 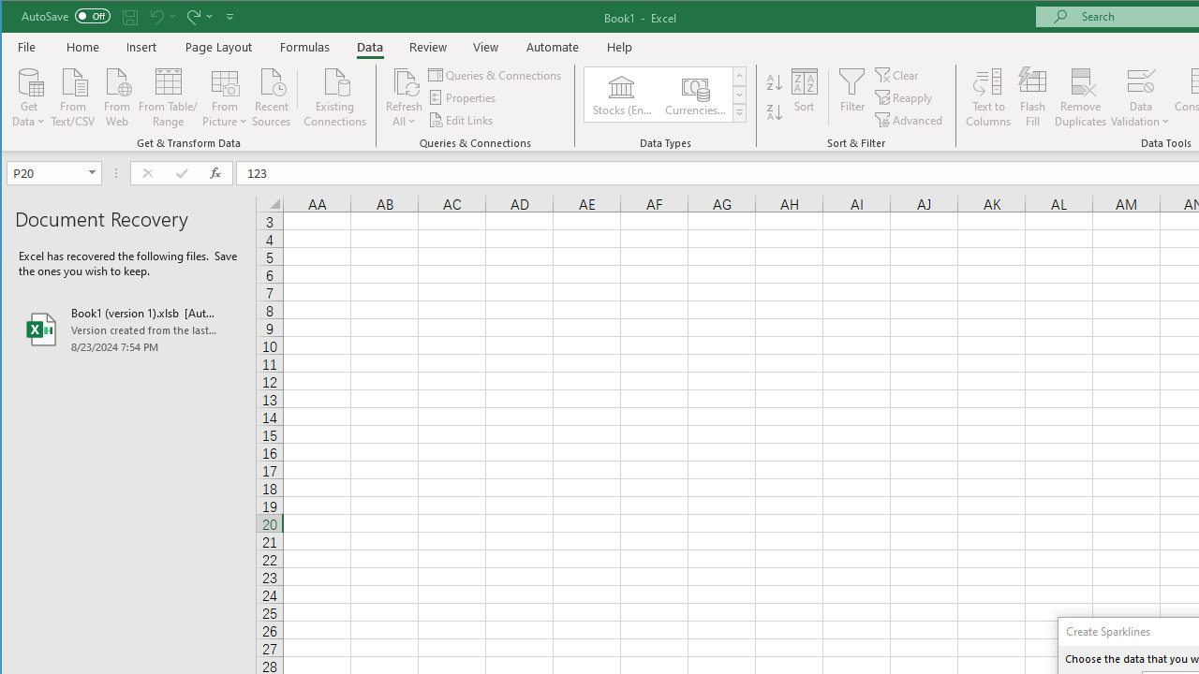 What do you see at coordinates (168, 95) in the screenshot?
I see `'From Table/Range'` at bounding box center [168, 95].